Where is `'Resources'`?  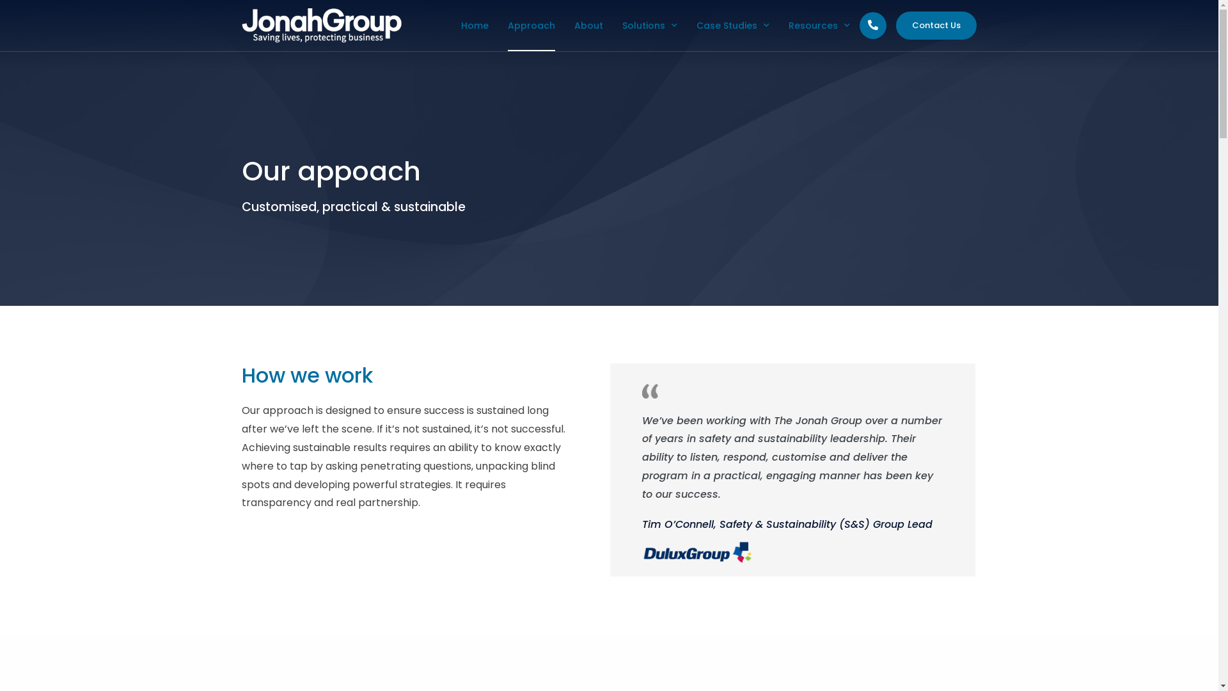
'Resources' is located at coordinates (788, 25).